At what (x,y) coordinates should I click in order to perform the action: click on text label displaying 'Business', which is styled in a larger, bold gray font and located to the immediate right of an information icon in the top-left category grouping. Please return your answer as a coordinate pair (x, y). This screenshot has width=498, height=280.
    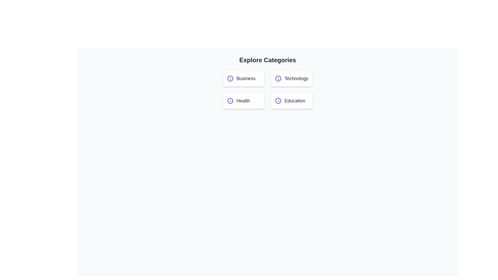
    Looking at the image, I should click on (246, 79).